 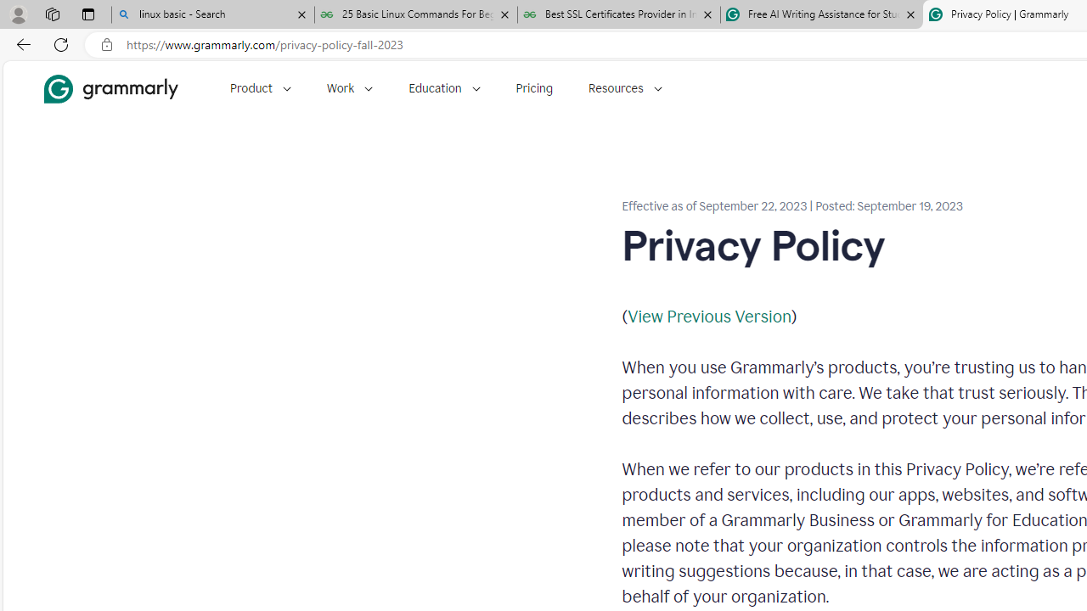 What do you see at coordinates (709, 316) in the screenshot?
I see `'View Previous Version'` at bounding box center [709, 316].